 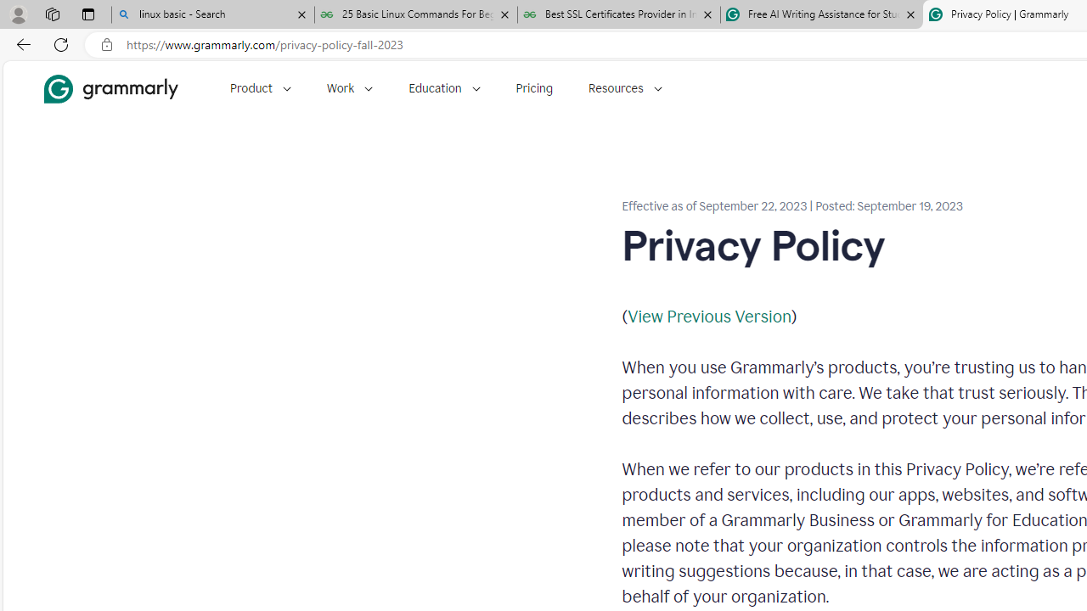 What do you see at coordinates (709, 316) in the screenshot?
I see `'View Previous Version'` at bounding box center [709, 316].